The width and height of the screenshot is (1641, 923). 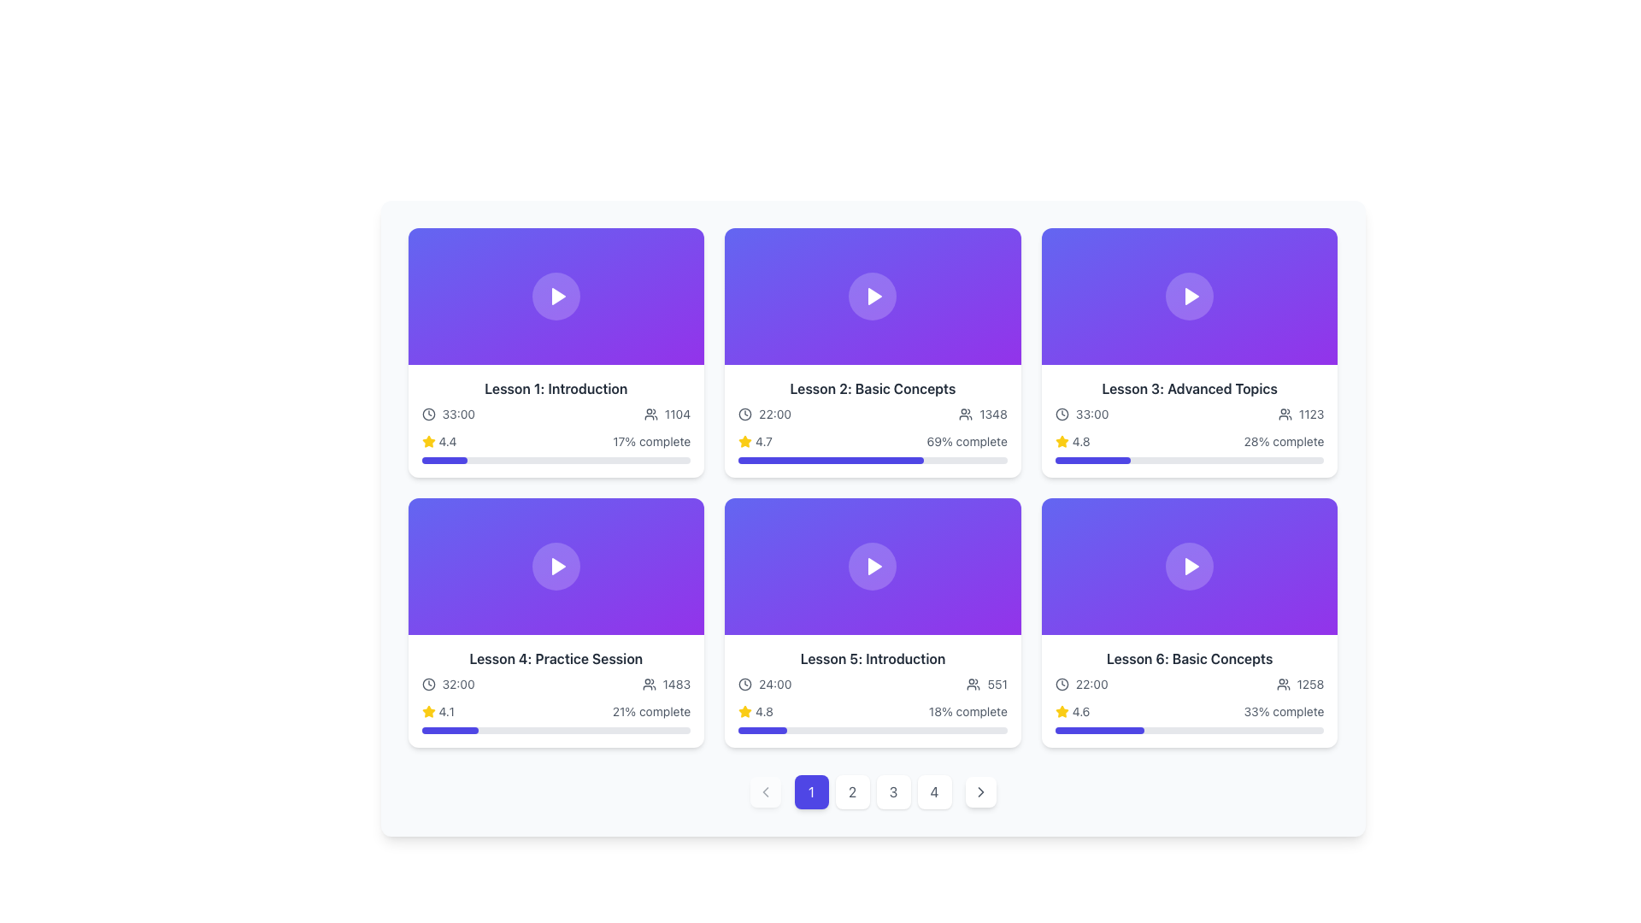 What do you see at coordinates (933, 791) in the screenshot?
I see `the fourth button in the pagination control, which has a white background and the number '4' in dark gray text, to change its background color` at bounding box center [933, 791].